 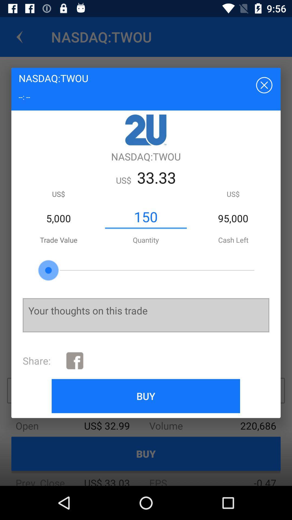 What do you see at coordinates (145, 217) in the screenshot?
I see `150 item` at bounding box center [145, 217].